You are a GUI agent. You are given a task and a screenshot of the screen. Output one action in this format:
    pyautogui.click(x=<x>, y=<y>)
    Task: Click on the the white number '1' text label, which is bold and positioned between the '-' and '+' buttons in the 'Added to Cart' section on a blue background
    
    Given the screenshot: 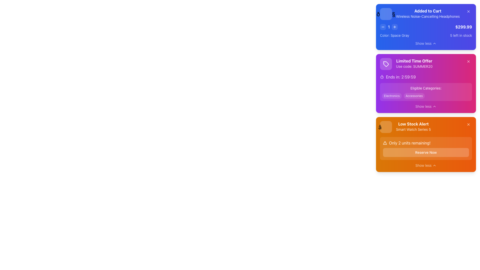 What is the action you would take?
    pyautogui.click(x=388, y=27)
    